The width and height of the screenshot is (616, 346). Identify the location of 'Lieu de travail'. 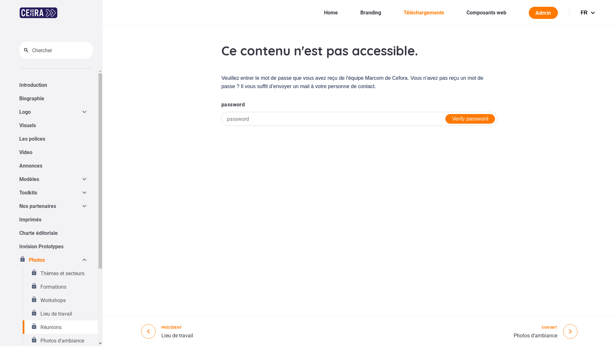
(60, 313).